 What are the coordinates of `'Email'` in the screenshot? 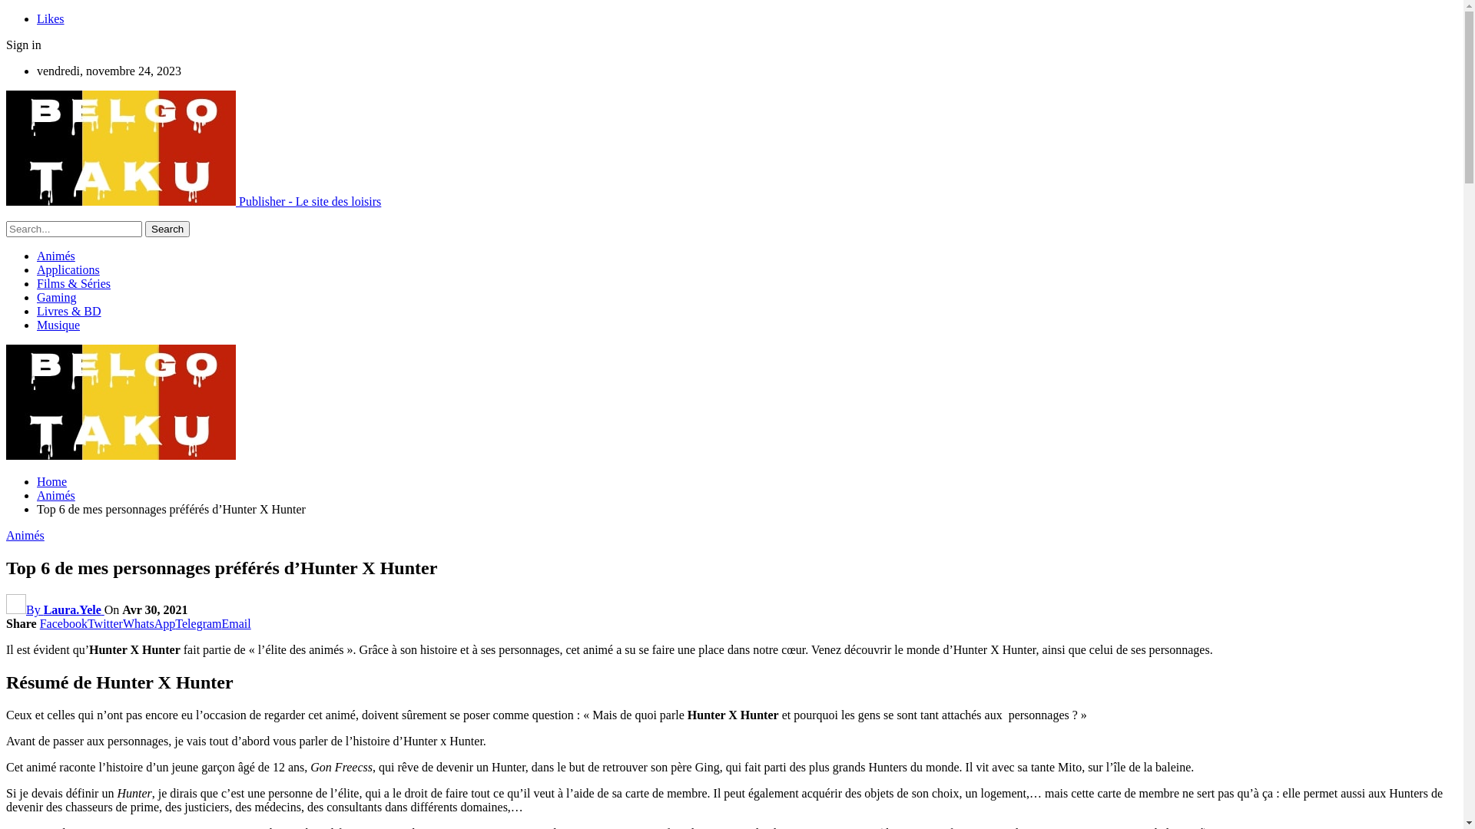 It's located at (235, 623).